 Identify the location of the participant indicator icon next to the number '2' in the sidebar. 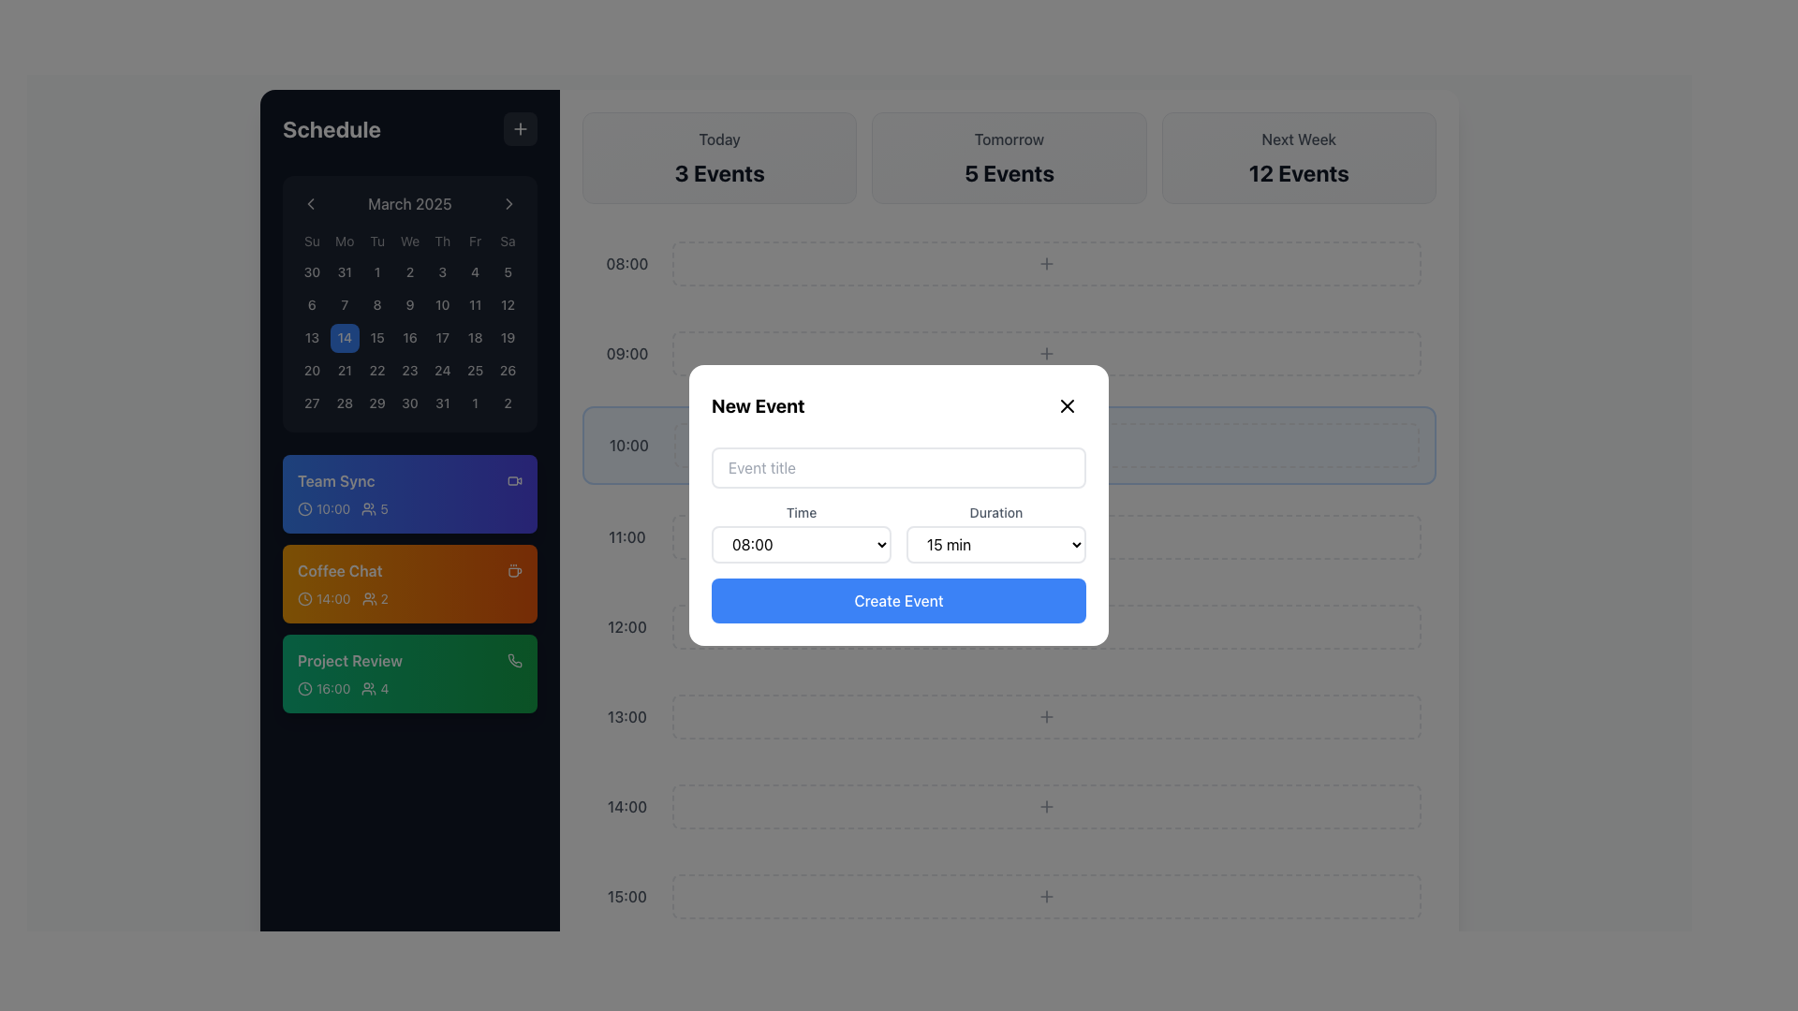
(369, 599).